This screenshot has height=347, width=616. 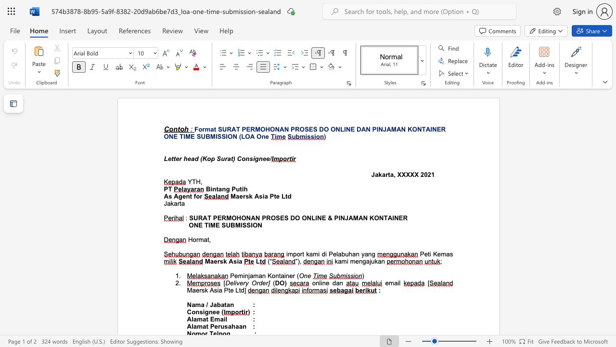 I want to click on the space between the continuous character "a" and "b" in the text, so click(x=341, y=254).